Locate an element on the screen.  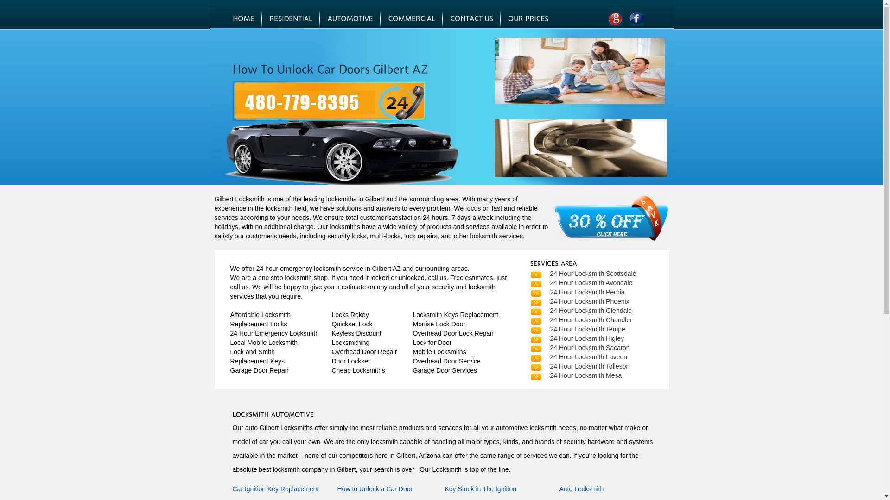
'Keyless Discount' is located at coordinates (356, 333).